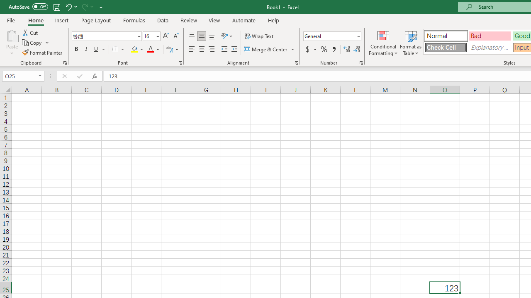  Describe the element at coordinates (191, 36) in the screenshot. I see `'Top Align'` at that location.